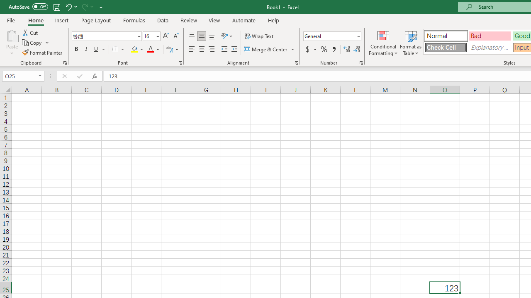  Describe the element at coordinates (191, 36) in the screenshot. I see `'Top Align'` at that location.